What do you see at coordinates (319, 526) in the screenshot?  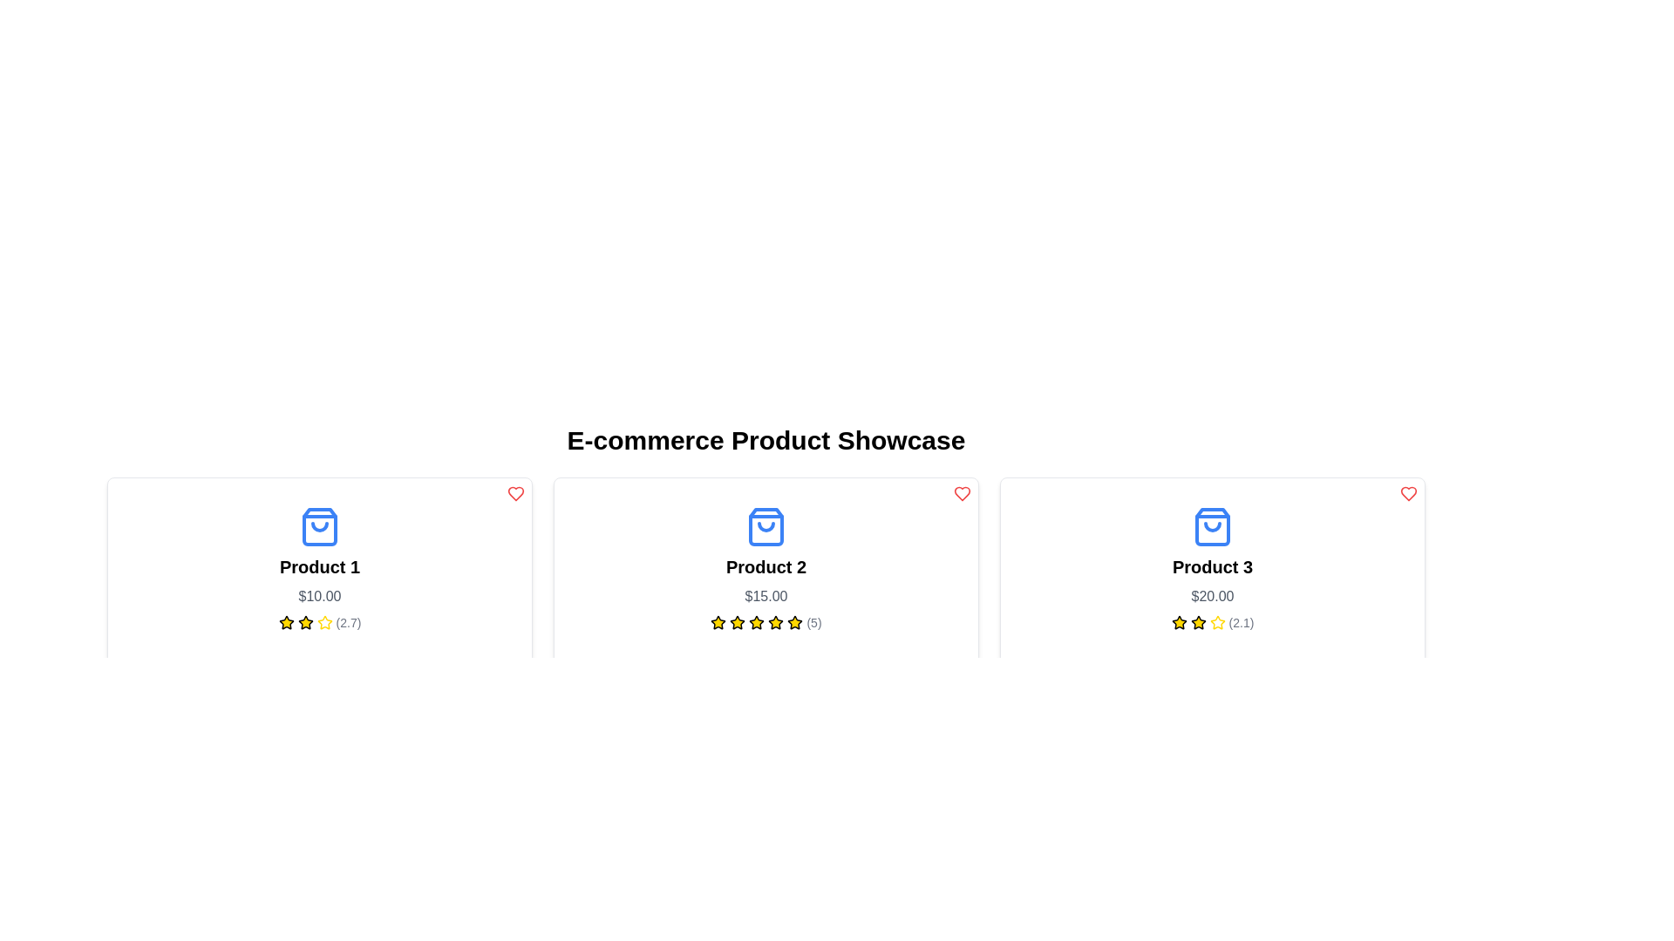 I see `the shopping icon located at the top of the 'Product 1' card, centered above the title` at bounding box center [319, 526].